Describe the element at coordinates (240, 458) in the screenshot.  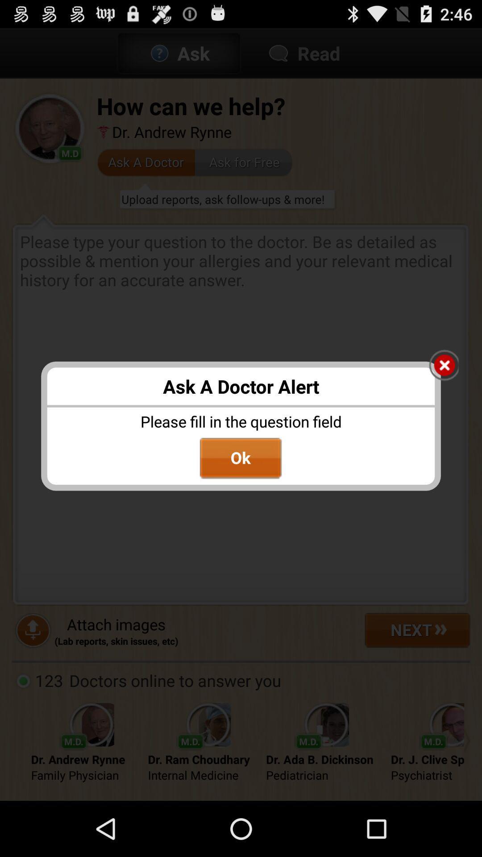
I see `ok item` at that location.